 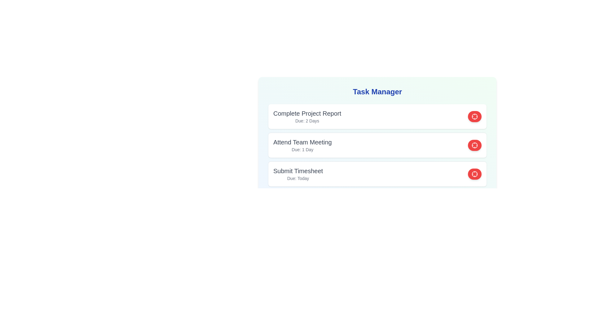 I want to click on the task card titled 'Submit Timesheet' with a due date of 'Due: Today', which is the third card in the list of task cards in the 'Task Manager' section, so click(x=377, y=174).